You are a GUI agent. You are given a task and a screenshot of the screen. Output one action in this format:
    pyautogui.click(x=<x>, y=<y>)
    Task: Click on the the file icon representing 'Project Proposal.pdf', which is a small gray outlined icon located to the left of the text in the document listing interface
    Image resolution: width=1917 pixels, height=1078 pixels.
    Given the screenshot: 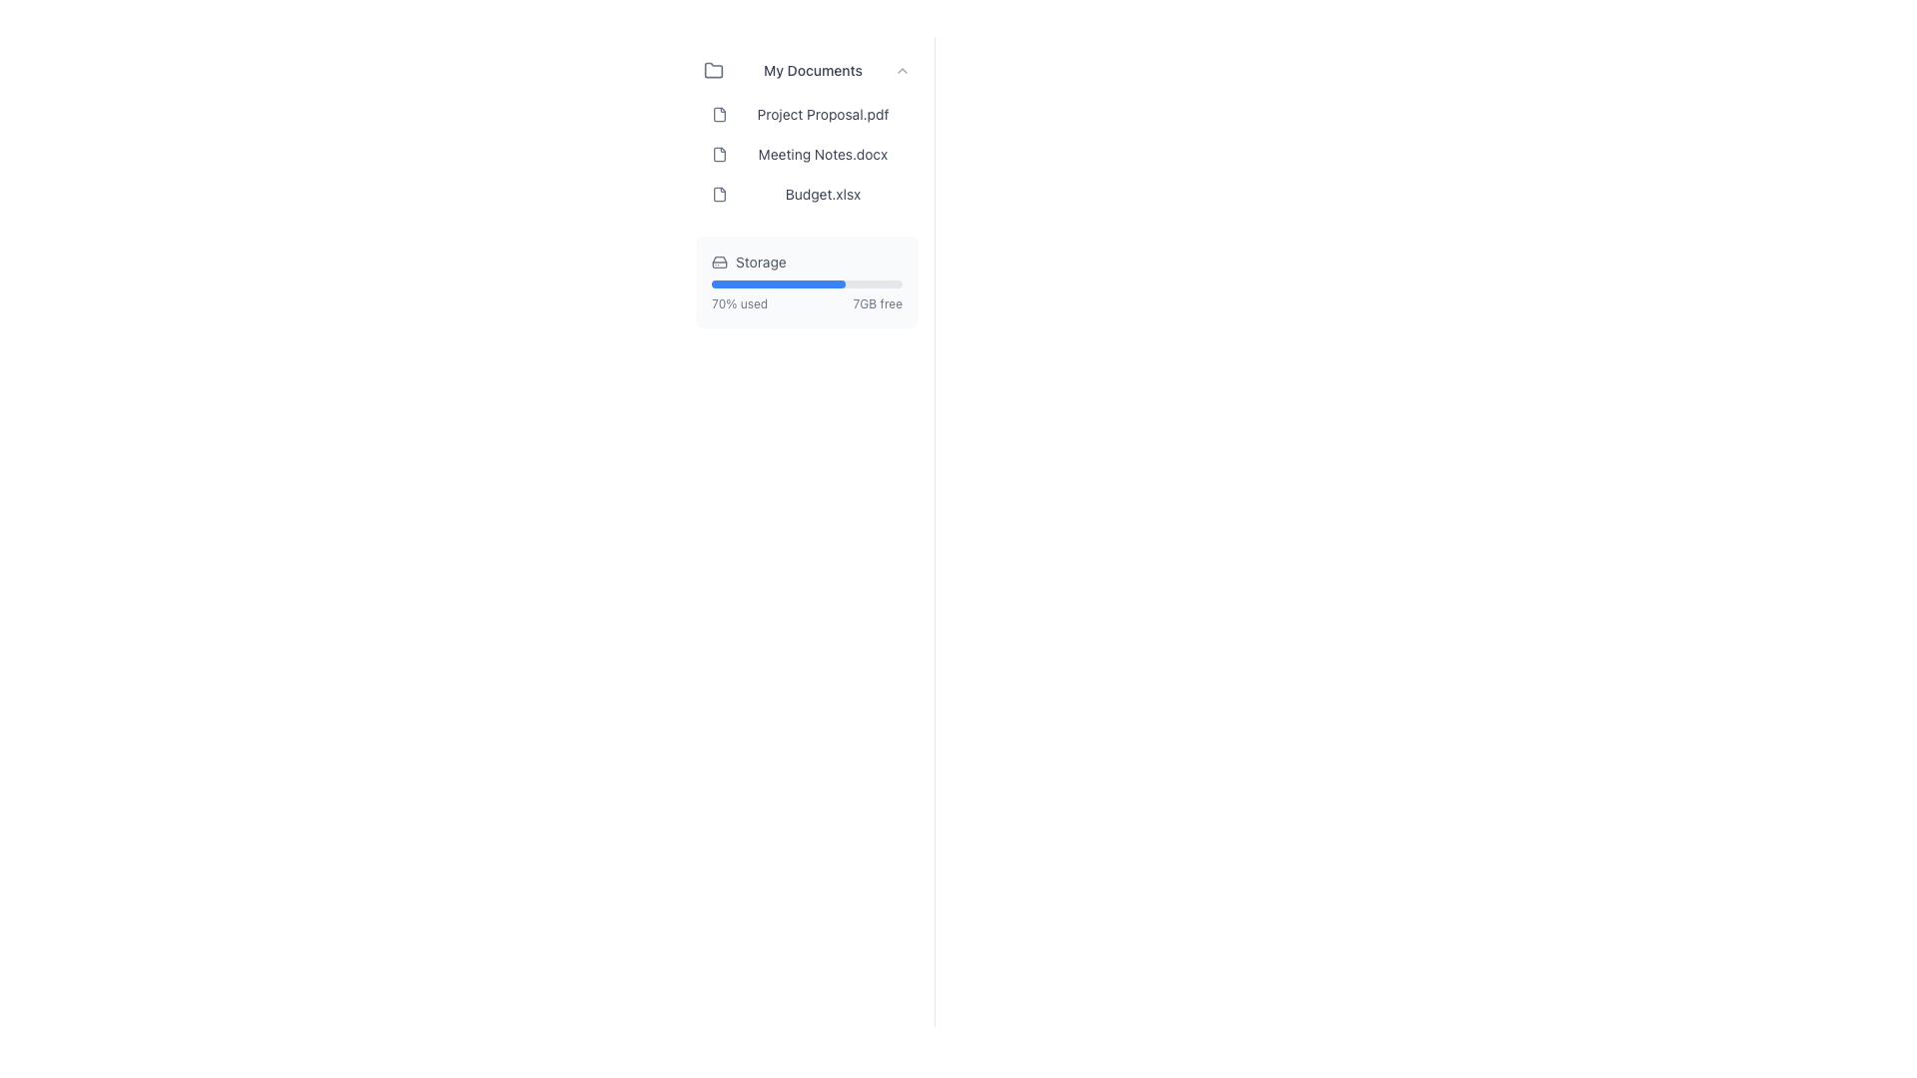 What is the action you would take?
    pyautogui.click(x=719, y=115)
    